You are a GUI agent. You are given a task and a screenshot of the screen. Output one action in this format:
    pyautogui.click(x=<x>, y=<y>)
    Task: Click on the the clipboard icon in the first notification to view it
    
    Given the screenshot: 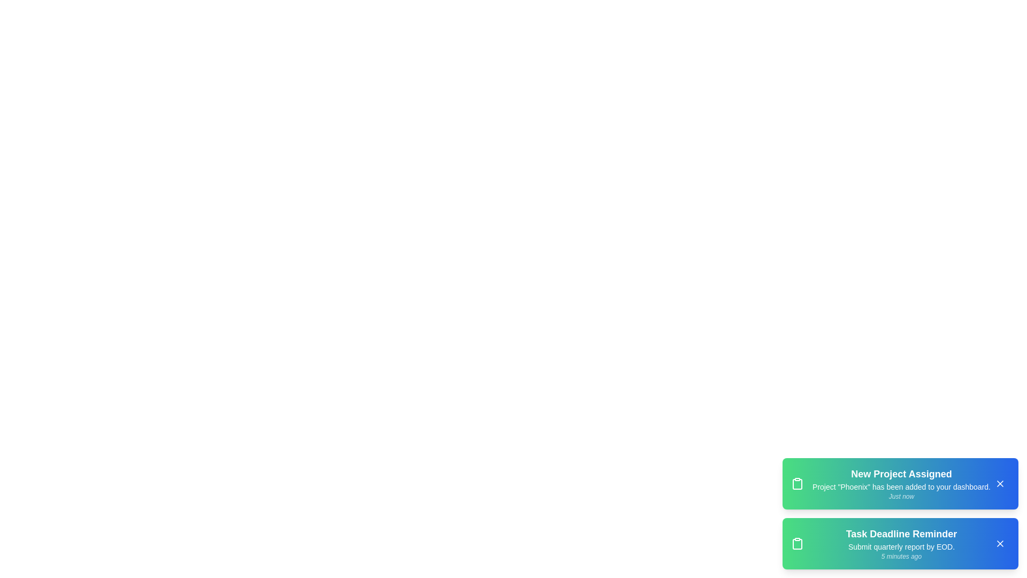 What is the action you would take?
    pyautogui.click(x=798, y=483)
    